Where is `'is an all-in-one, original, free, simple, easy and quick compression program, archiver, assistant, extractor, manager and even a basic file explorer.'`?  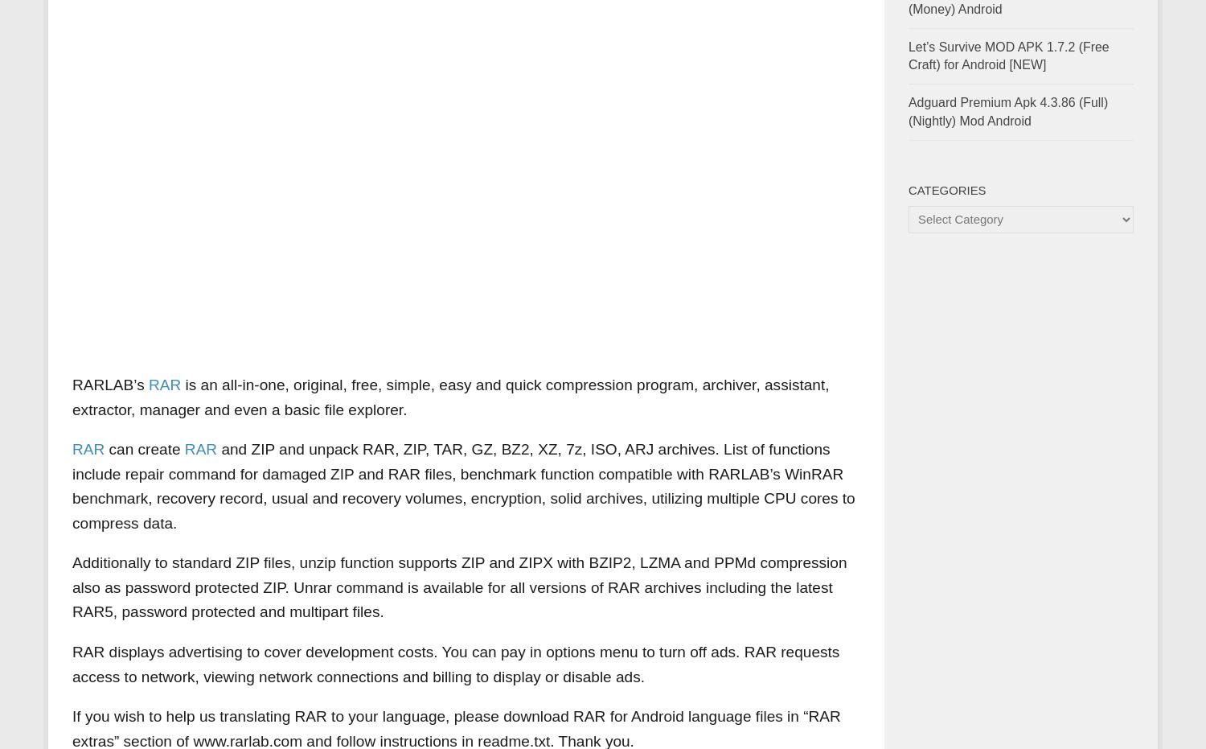 'is an all-in-one, original, free, simple, easy and quick compression program, archiver, assistant, extractor, manager and even a basic file explorer.' is located at coordinates (450, 397).